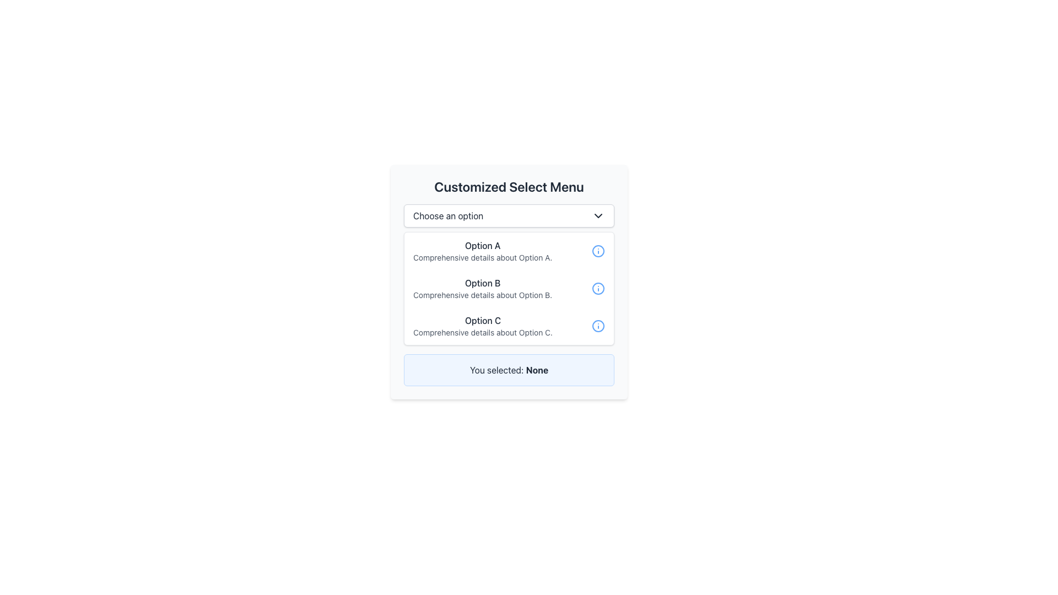  I want to click on the text "Option A" in the dropdown menu, so click(483, 245).